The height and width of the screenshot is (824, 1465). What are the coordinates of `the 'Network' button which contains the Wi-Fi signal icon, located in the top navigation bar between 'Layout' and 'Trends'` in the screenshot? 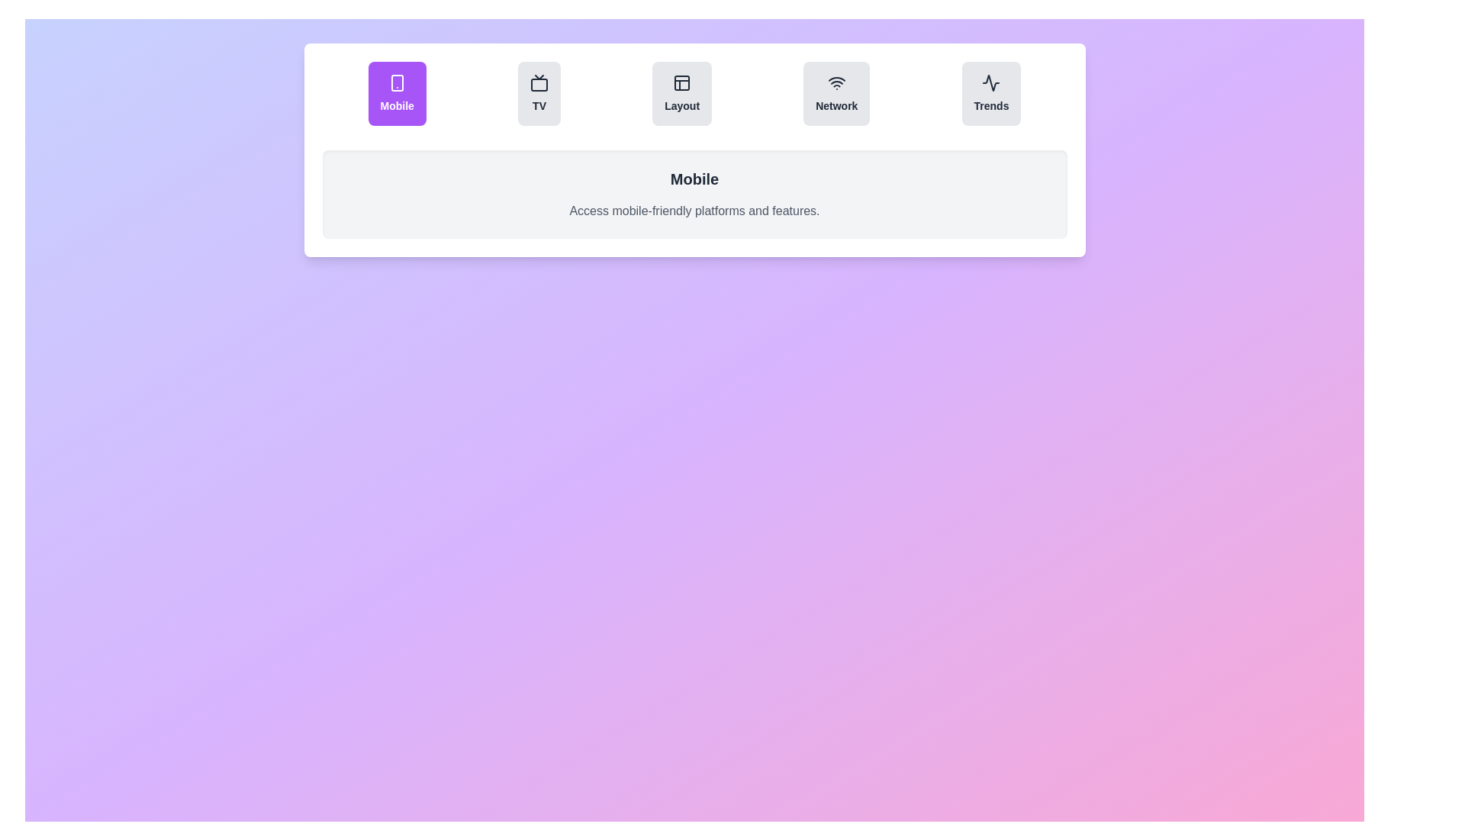 It's located at (836, 82).